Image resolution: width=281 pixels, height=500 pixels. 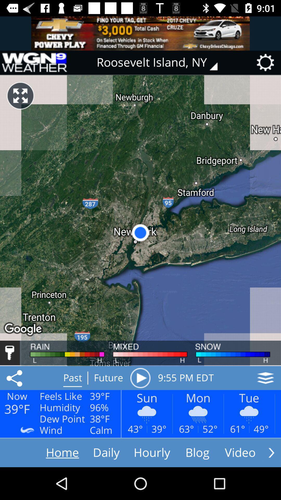 What do you see at coordinates (15, 378) in the screenshot?
I see `share with others` at bounding box center [15, 378].